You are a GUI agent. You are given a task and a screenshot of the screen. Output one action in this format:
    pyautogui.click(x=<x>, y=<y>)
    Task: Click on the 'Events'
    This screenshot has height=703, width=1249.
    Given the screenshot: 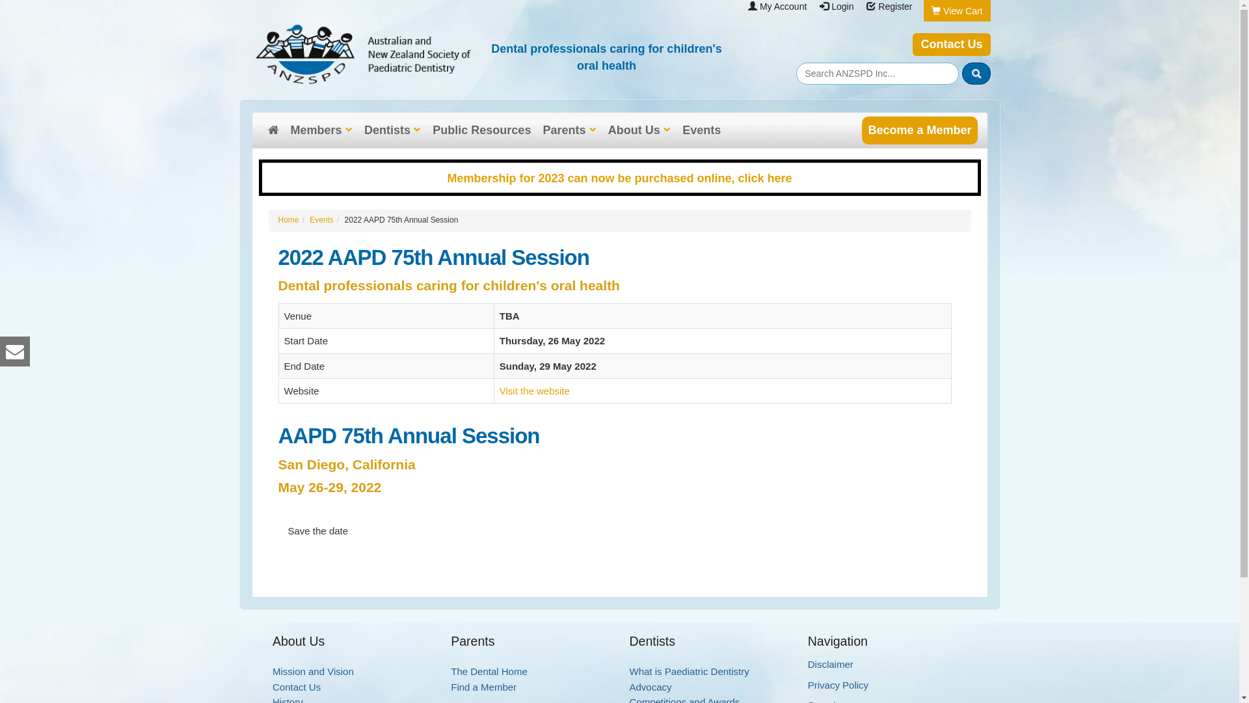 What is the action you would take?
    pyautogui.click(x=308, y=219)
    